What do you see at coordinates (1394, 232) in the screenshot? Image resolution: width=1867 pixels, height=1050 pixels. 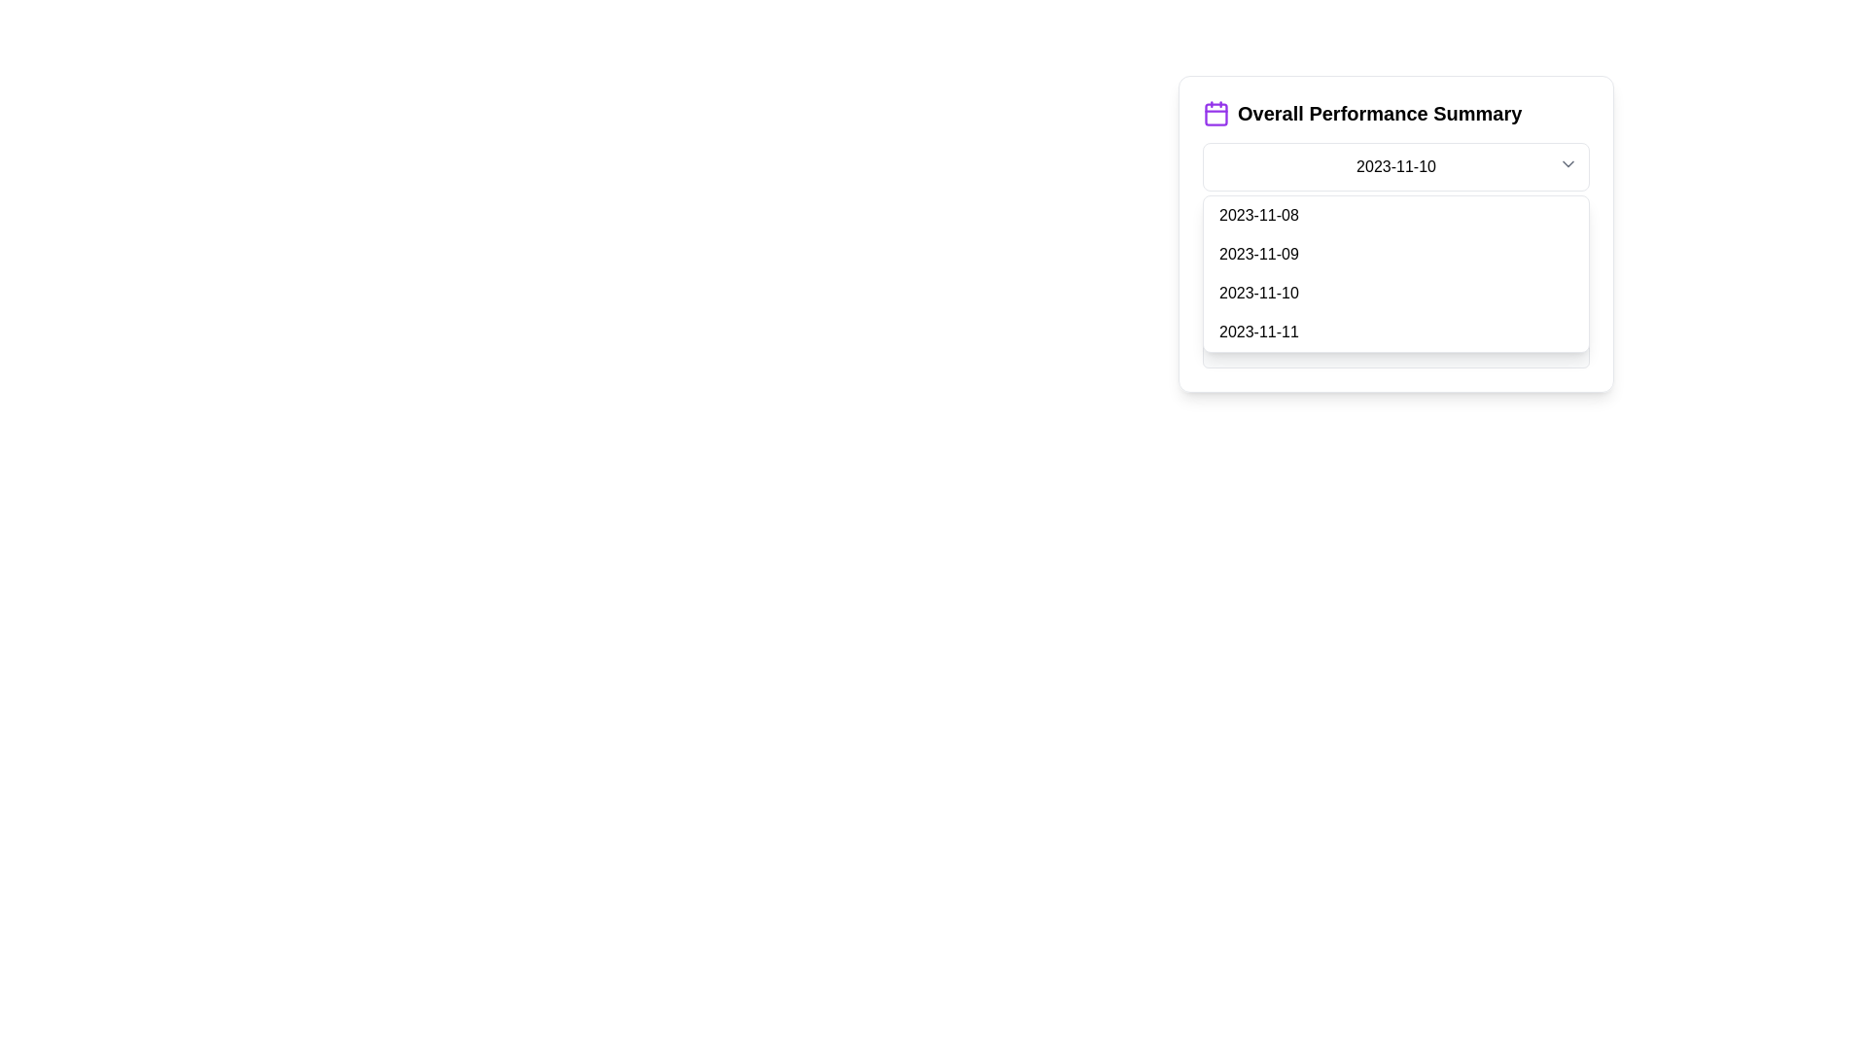 I see `the dropdown menu item` at bounding box center [1394, 232].